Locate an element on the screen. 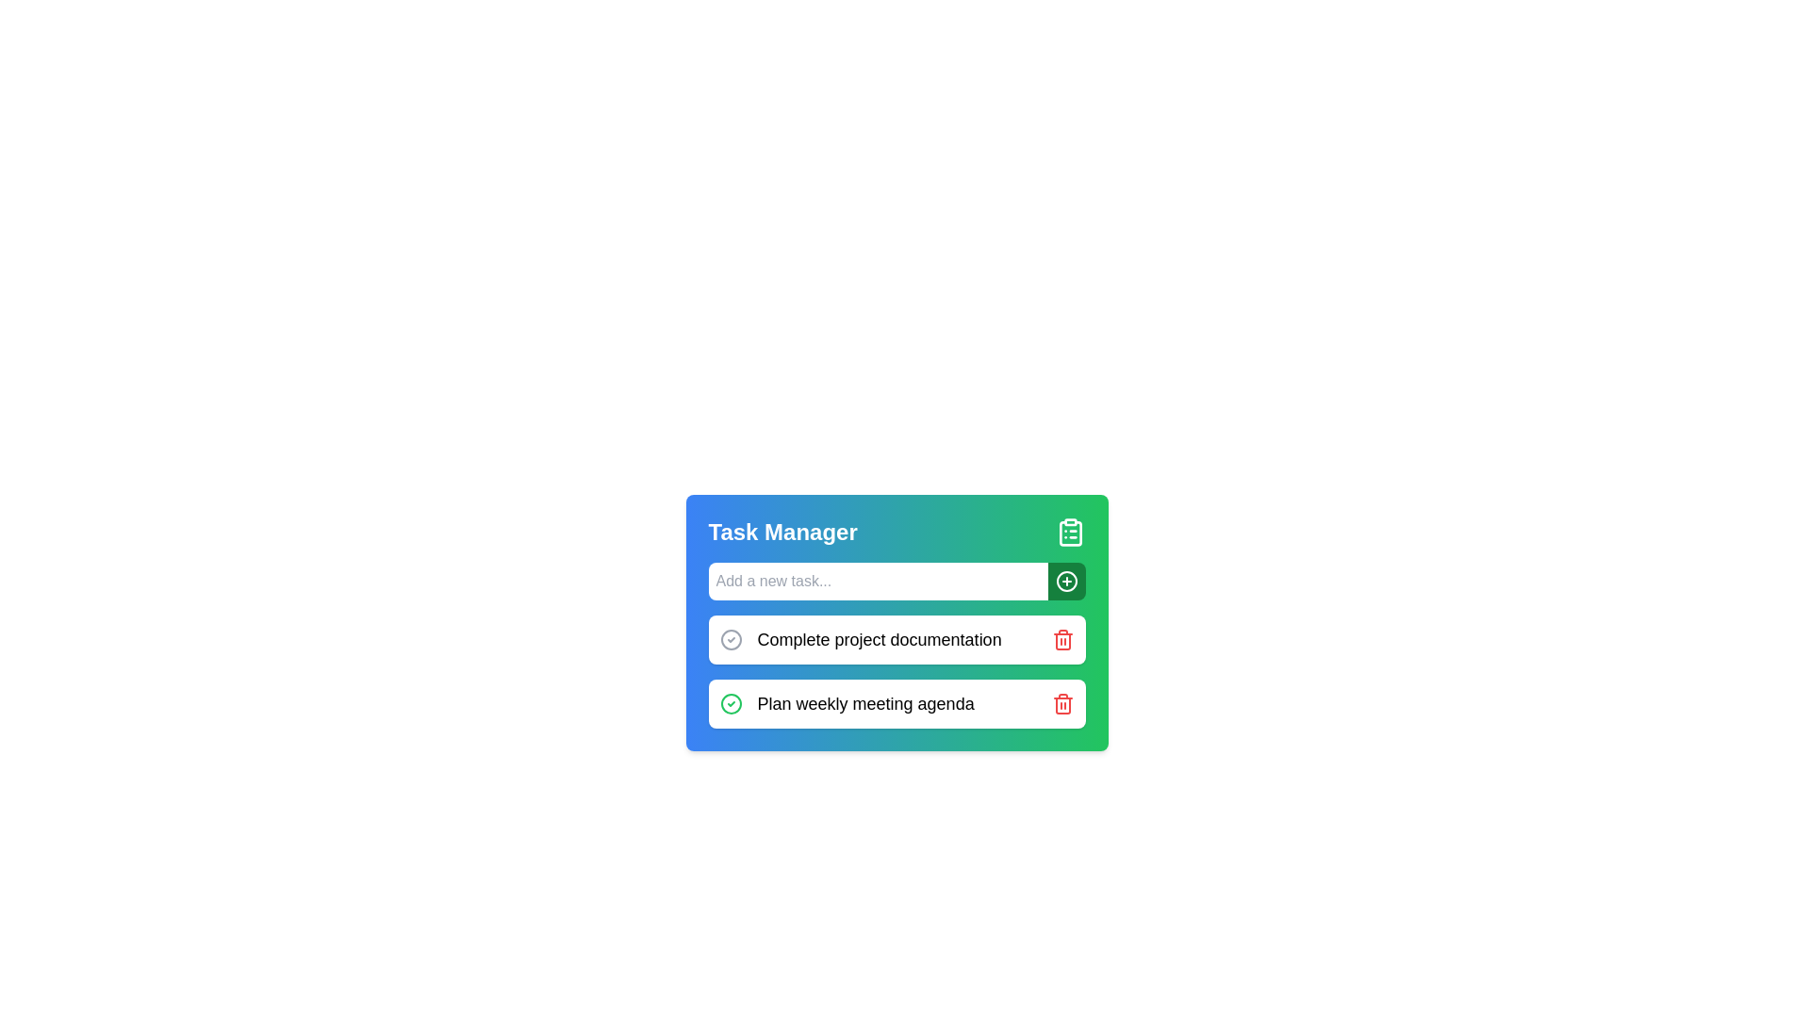 The height and width of the screenshot is (1018, 1810). the green button with a plus icon located immediately to the right of the input field in the task management panel for interaction highlight is located at coordinates (1066, 581).